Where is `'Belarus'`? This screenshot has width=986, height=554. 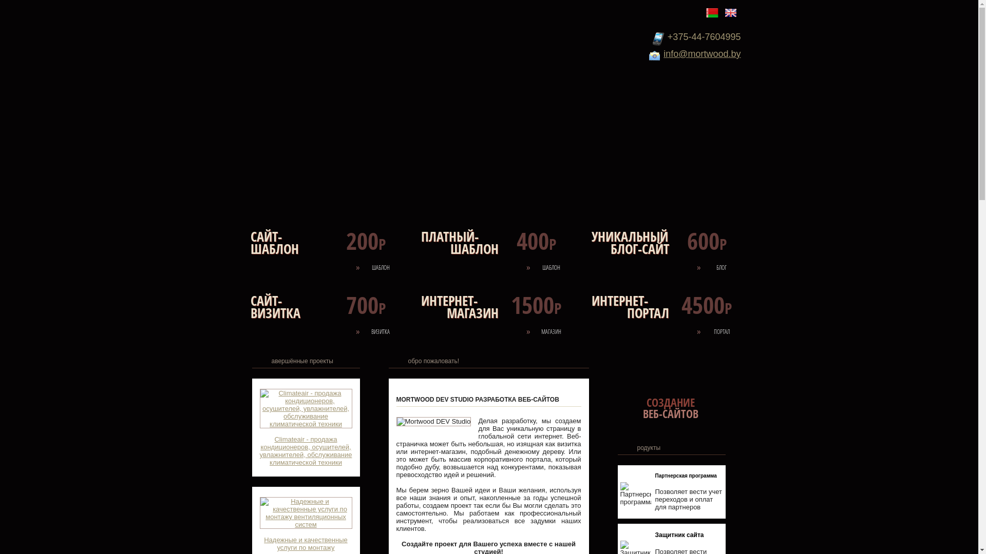
'Belarus' is located at coordinates (712, 12).